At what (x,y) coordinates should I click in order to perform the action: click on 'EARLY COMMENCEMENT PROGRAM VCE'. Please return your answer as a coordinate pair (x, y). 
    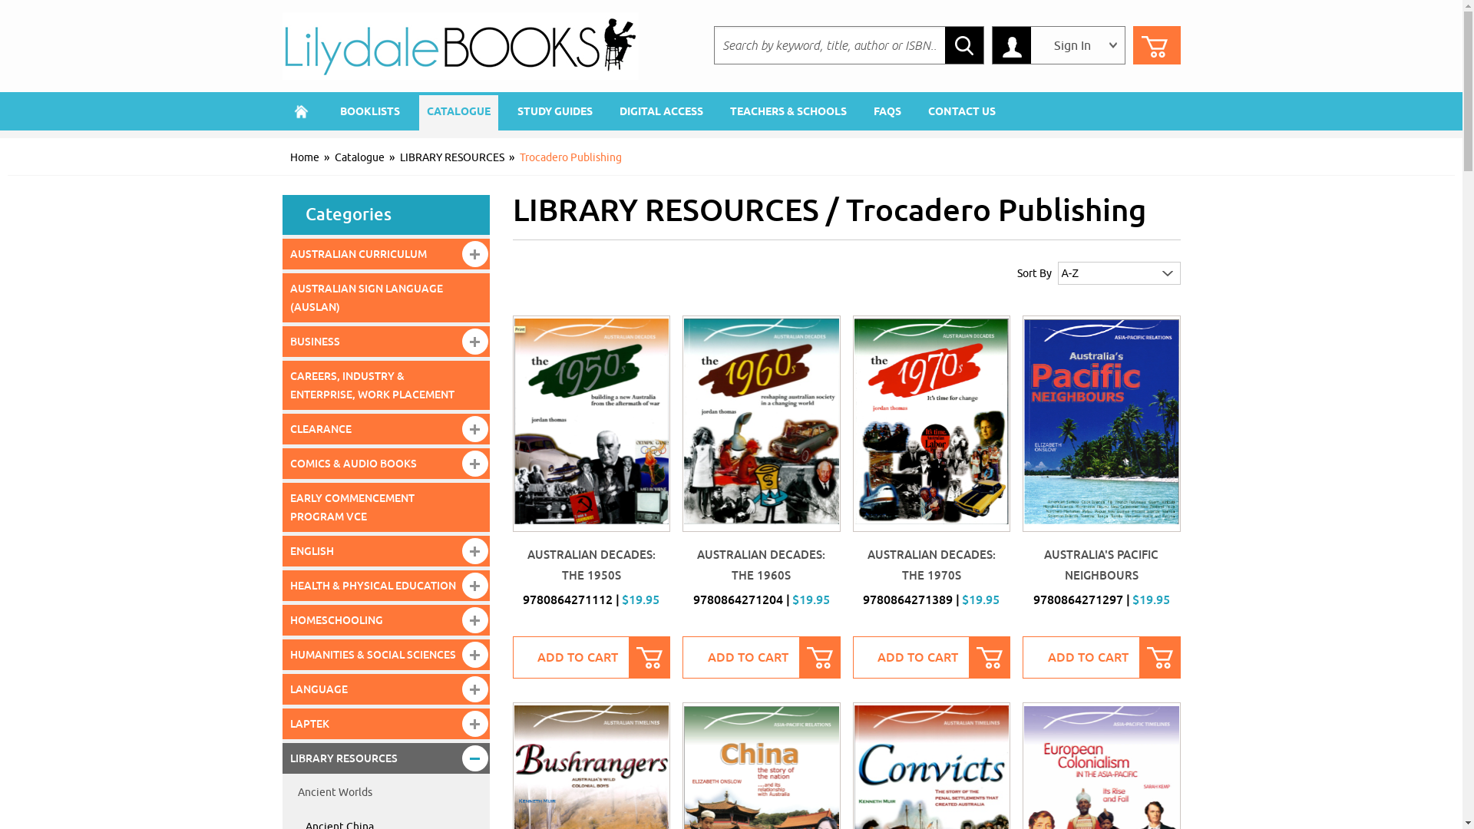
    Looking at the image, I should click on (386, 507).